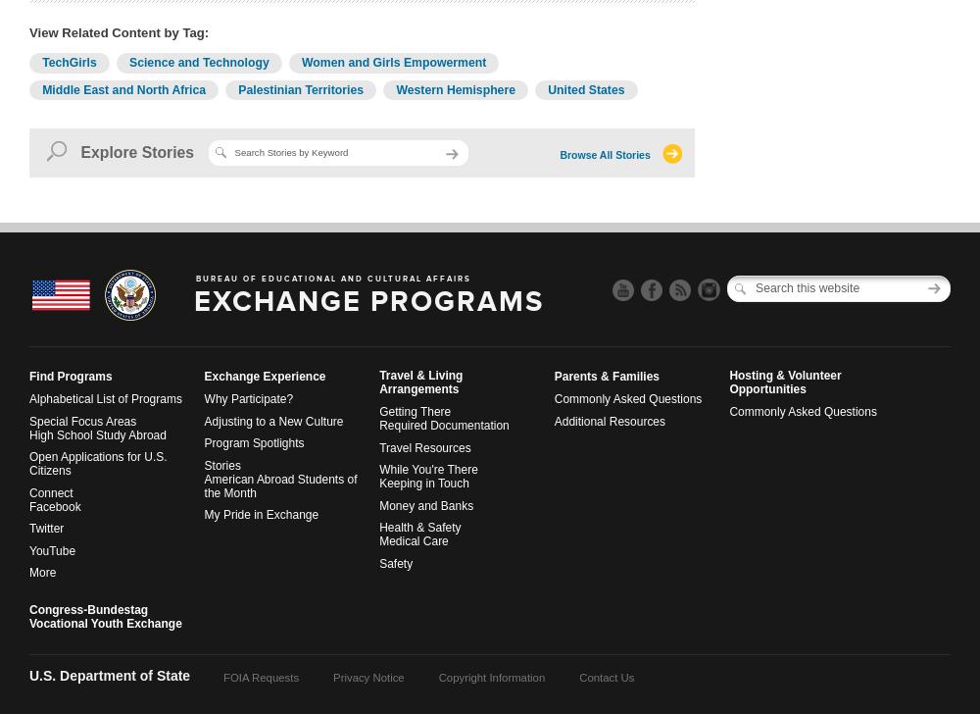 This screenshot has height=714, width=980. I want to click on 'Medical Care', so click(379, 540).